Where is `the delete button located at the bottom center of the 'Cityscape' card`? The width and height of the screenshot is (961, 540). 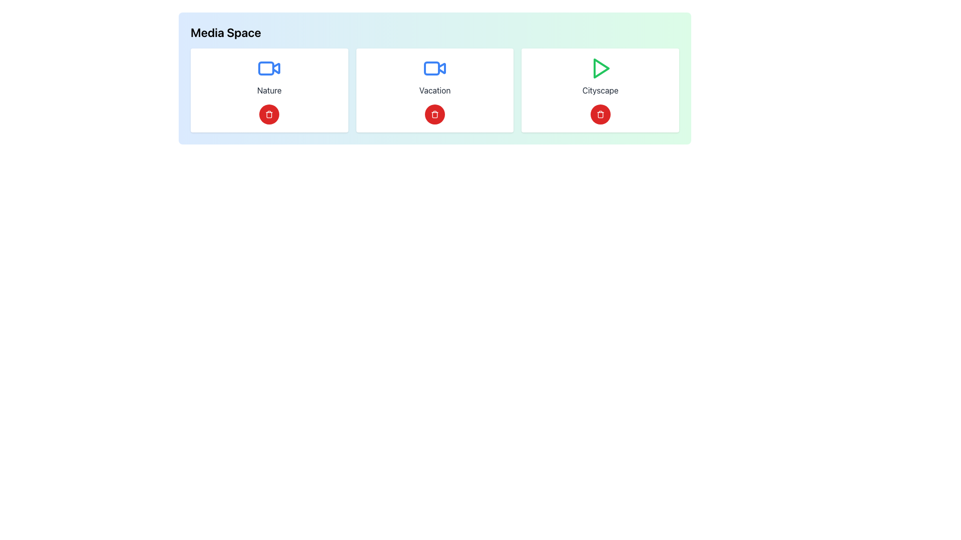
the delete button located at the bottom center of the 'Cityscape' card is located at coordinates (600, 113).